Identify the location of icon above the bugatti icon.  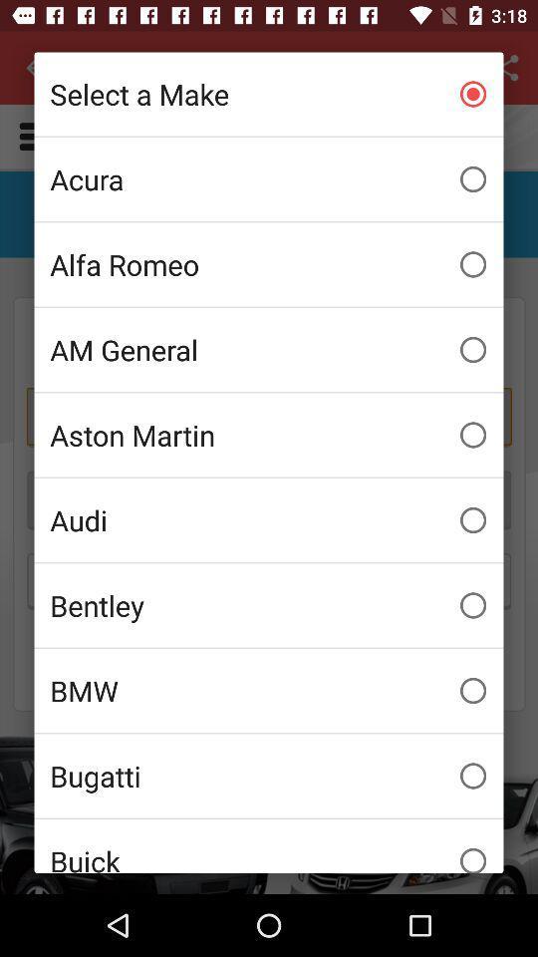
(269, 691).